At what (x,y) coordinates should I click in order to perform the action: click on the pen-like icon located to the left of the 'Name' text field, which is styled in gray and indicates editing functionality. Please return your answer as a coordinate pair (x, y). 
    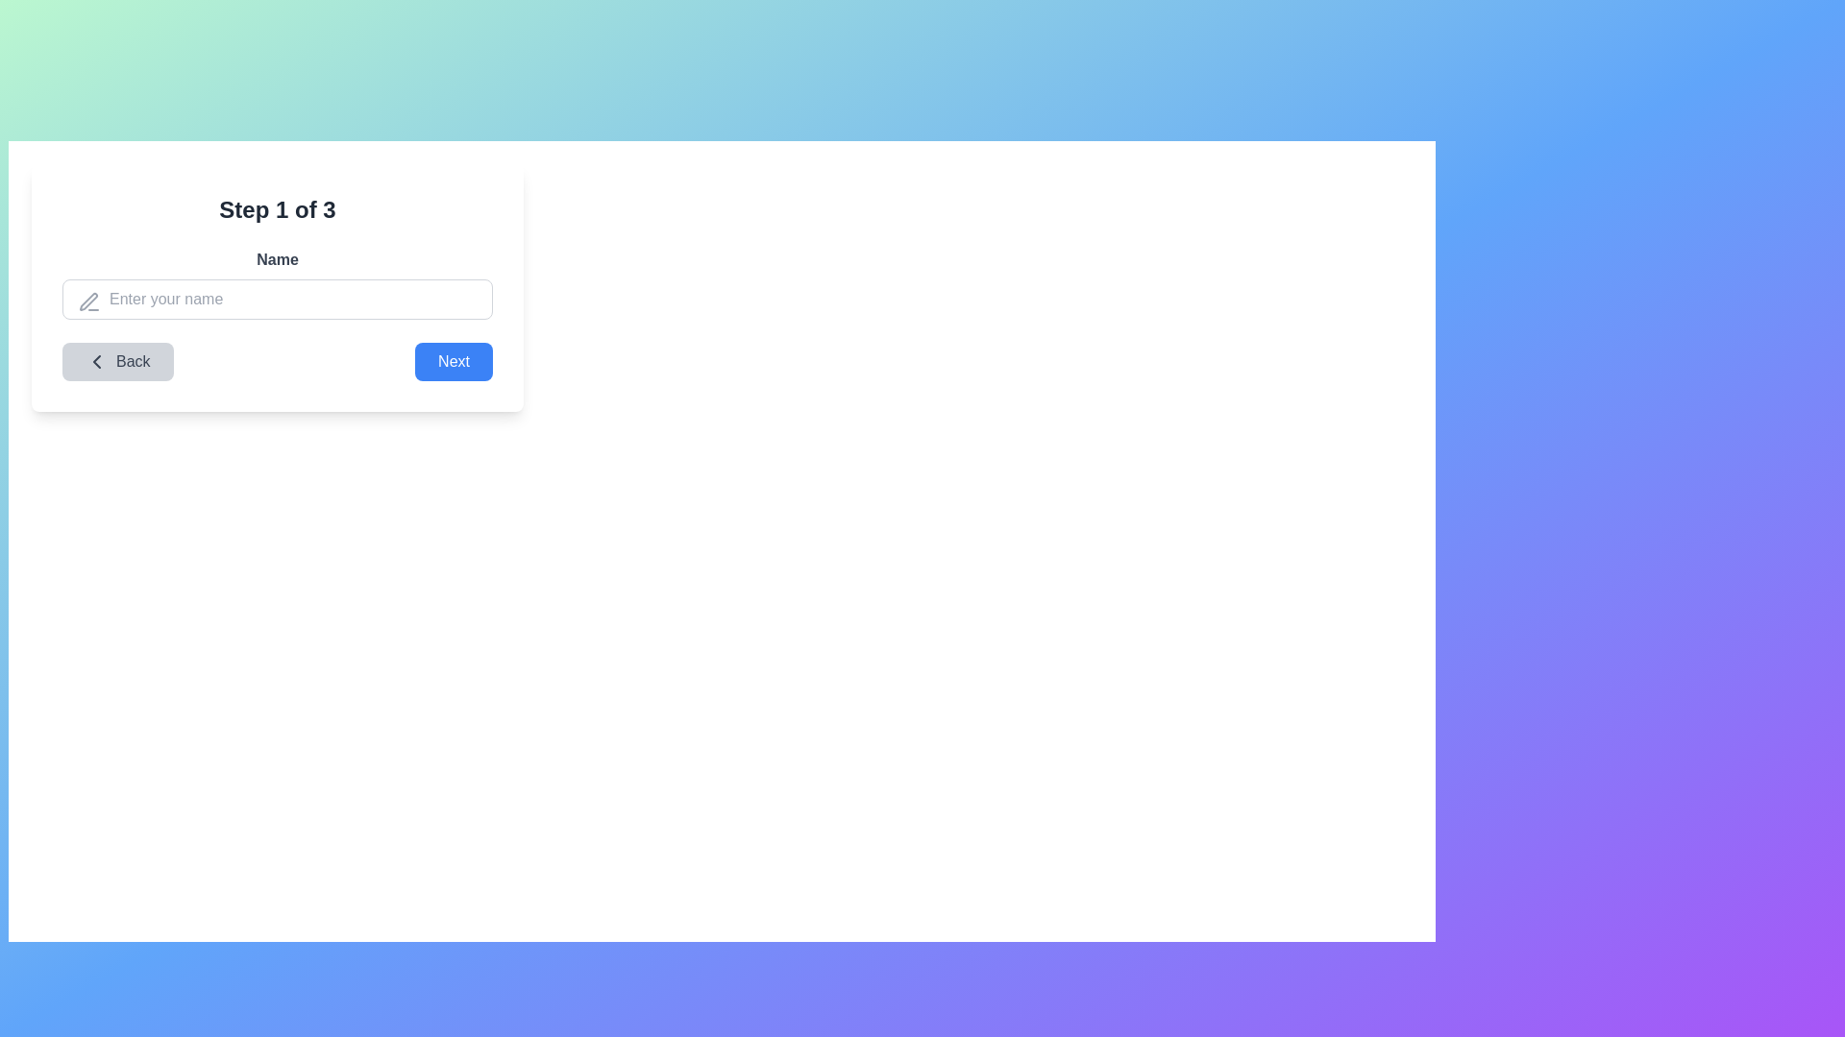
    Looking at the image, I should click on (87, 302).